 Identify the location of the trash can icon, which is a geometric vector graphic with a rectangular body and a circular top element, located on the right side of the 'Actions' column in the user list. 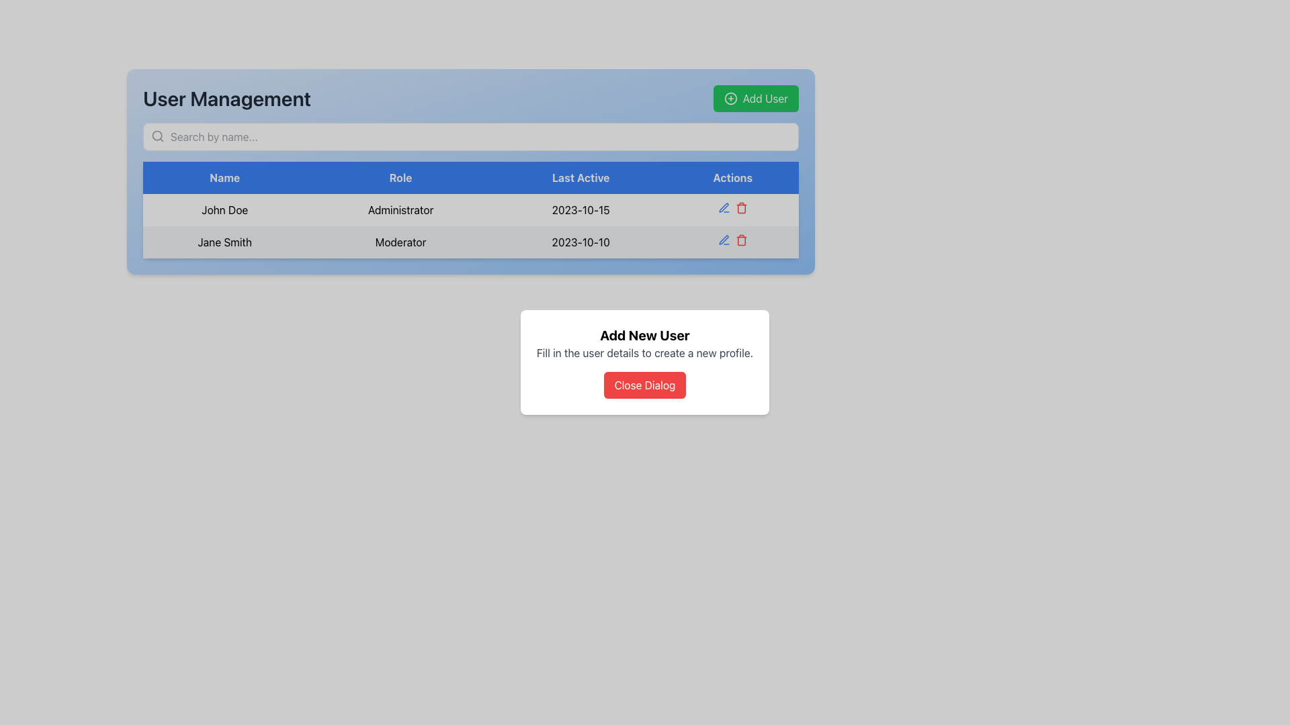
(740, 209).